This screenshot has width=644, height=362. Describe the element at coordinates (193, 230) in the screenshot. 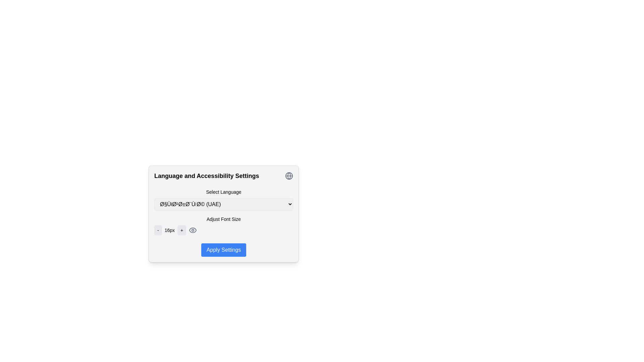

I see `the visibility icon located within the 'Language and Accessibility Settings' dialog, near the 'Adjust Font Size' section` at that location.